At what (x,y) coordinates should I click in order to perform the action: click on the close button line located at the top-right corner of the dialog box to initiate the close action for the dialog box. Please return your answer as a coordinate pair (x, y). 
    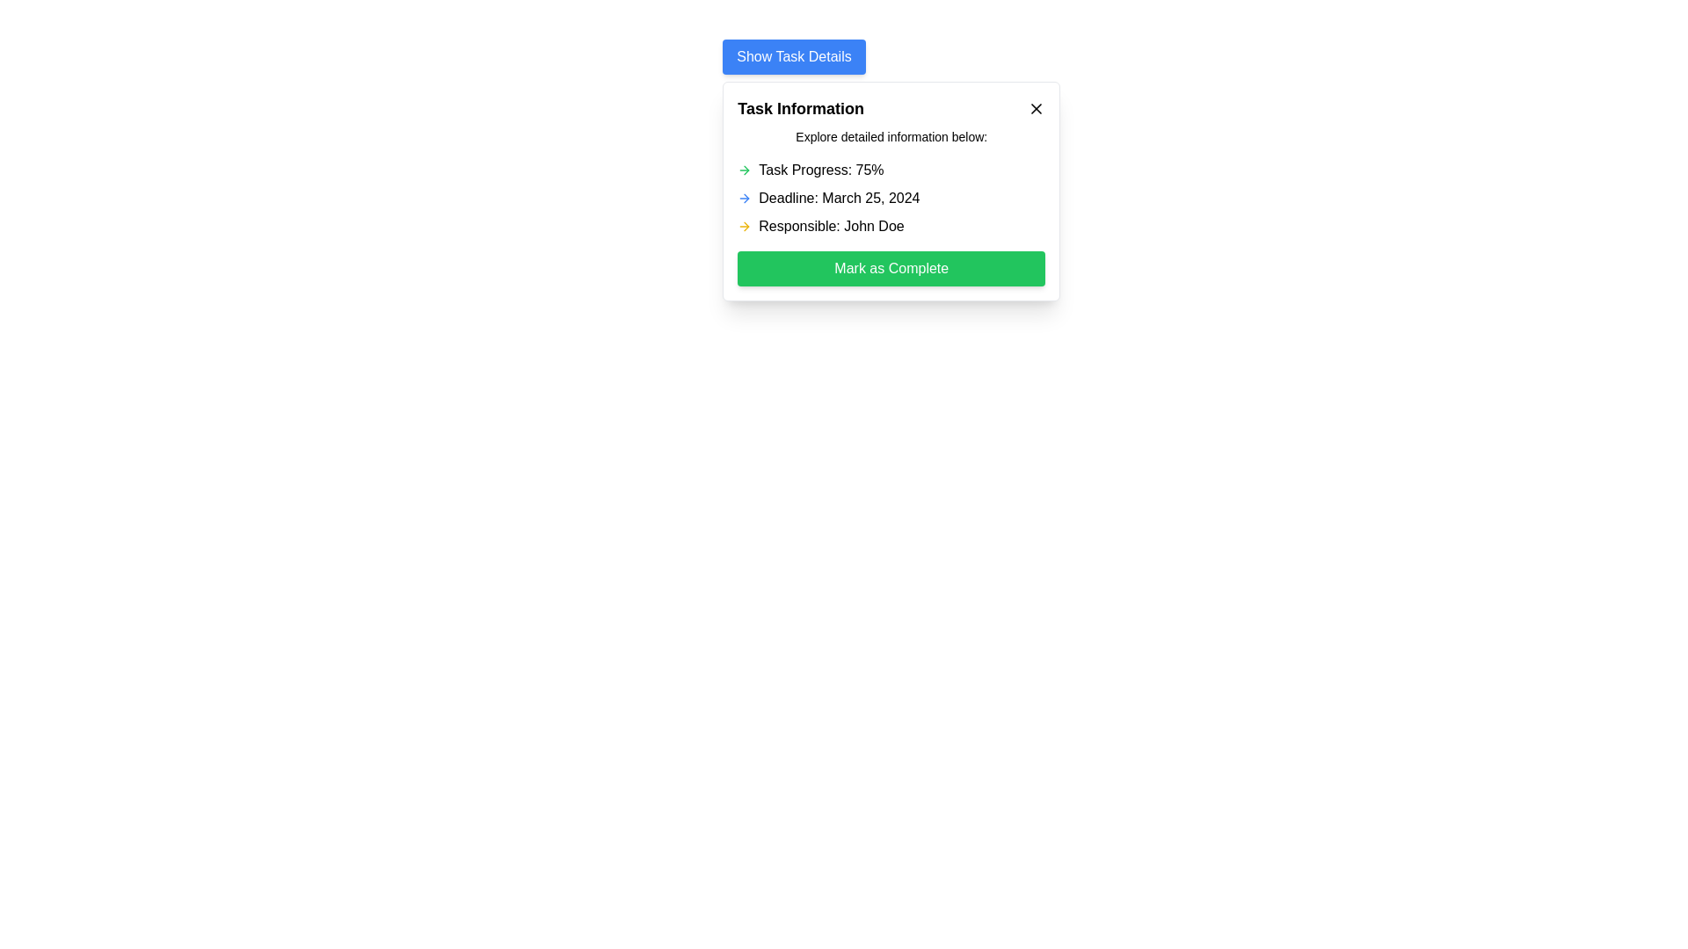
    Looking at the image, I should click on (1037, 108).